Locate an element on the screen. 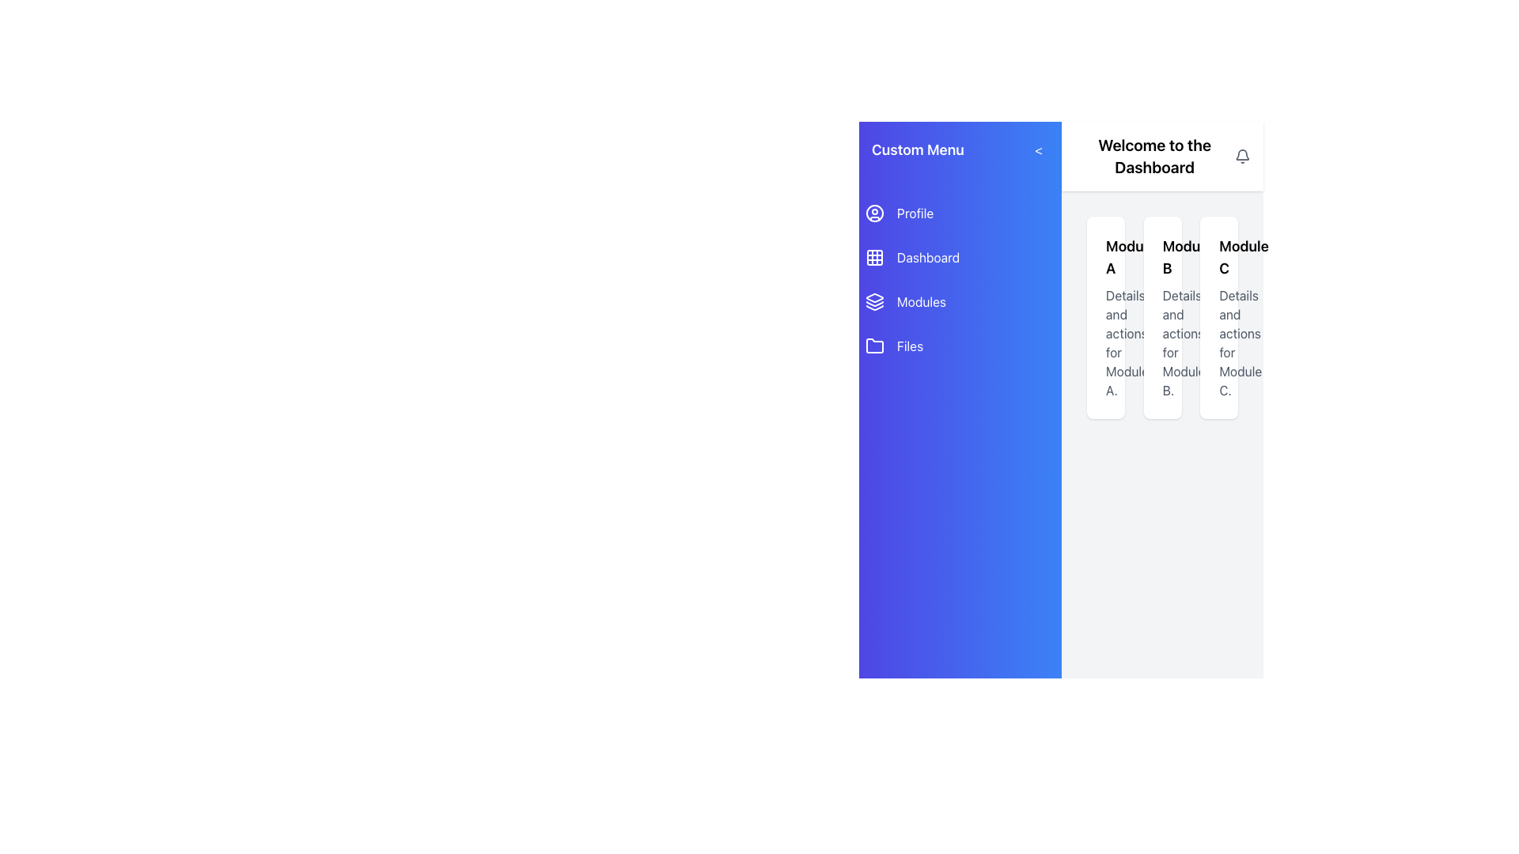 The width and height of the screenshot is (1519, 854). the folder icon located before the 'Files' label in the left panel menu for navigation purposes is located at coordinates (873, 346).